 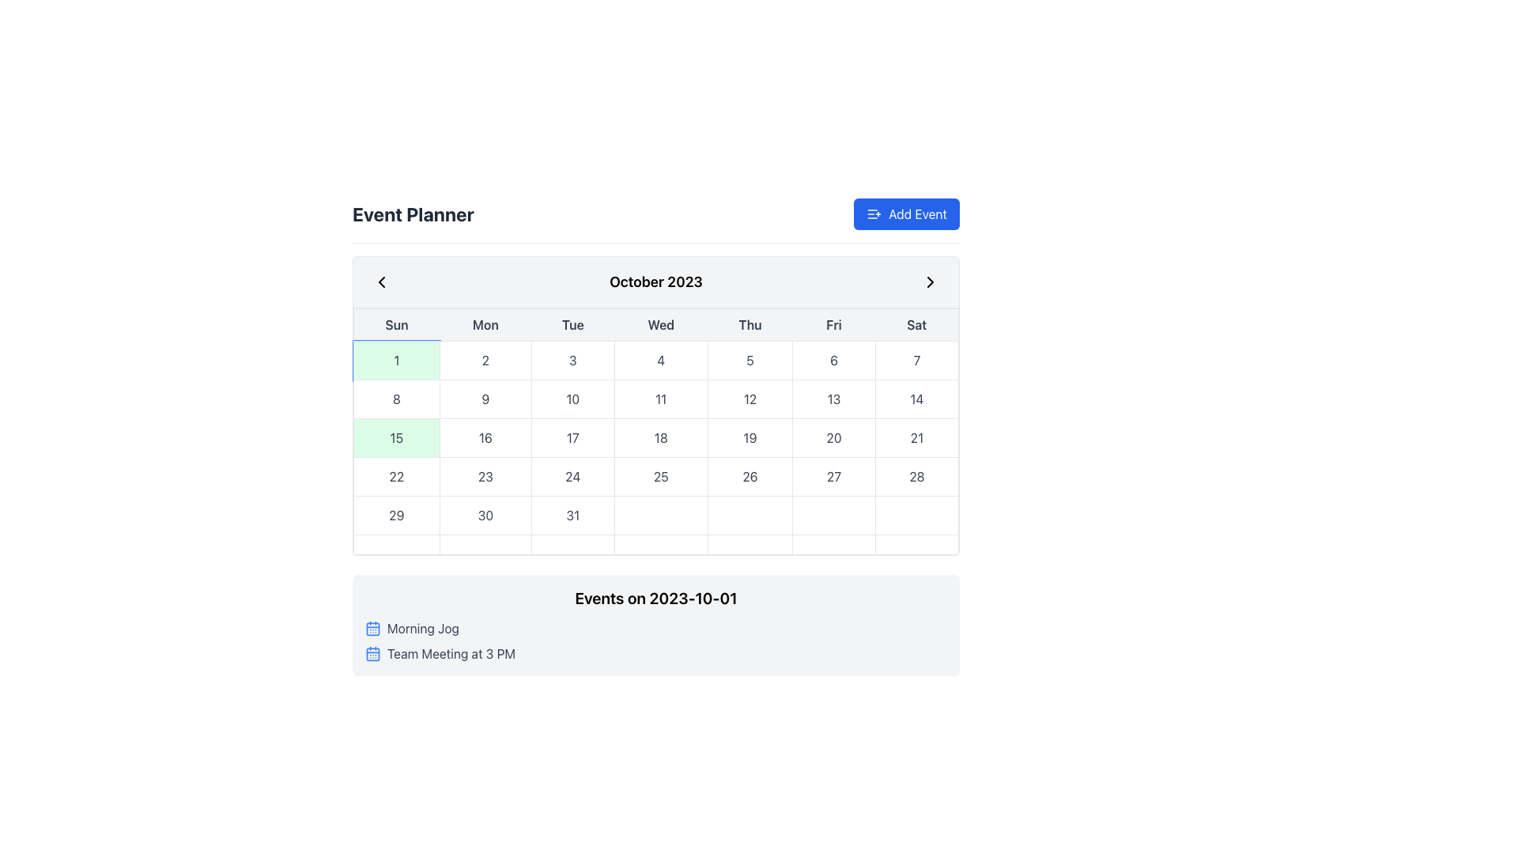 What do you see at coordinates (833, 324) in the screenshot?
I see `the static text label representing 'Friday' in the calendar view, which is the sixth day in the header row, located between 'Thursday' and 'Saturday'` at bounding box center [833, 324].